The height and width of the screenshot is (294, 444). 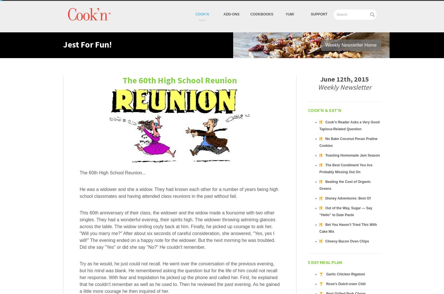 What do you see at coordinates (344, 87) in the screenshot?
I see `'Weekly Newsletter'` at bounding box center [344, 87].